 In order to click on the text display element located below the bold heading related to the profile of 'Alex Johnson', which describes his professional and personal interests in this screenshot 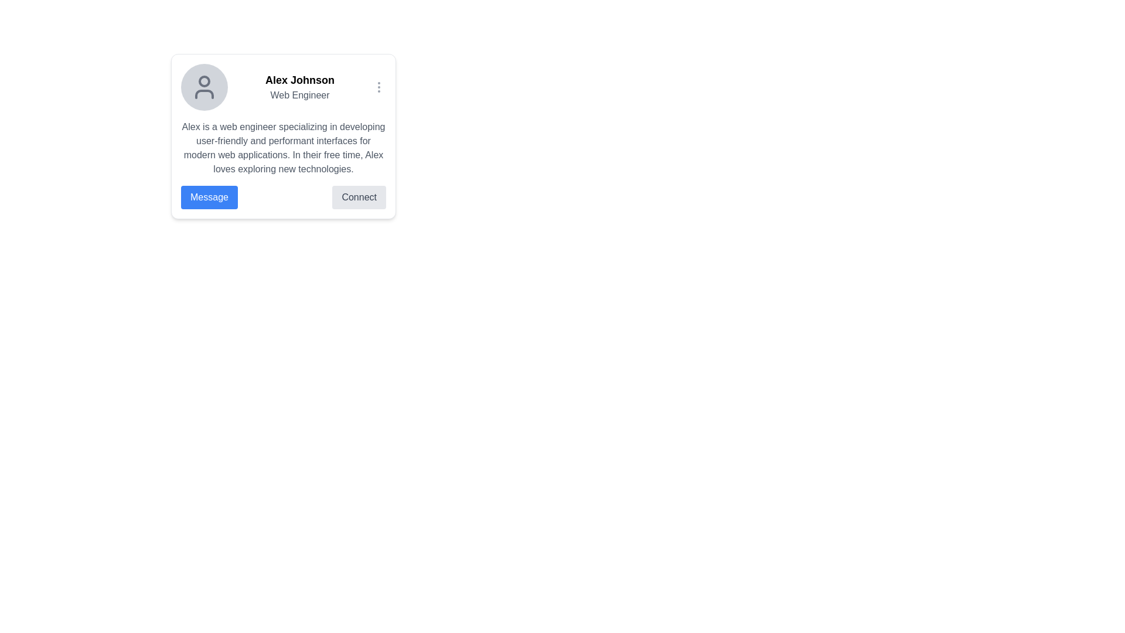, I will do `click(284, 148)`.